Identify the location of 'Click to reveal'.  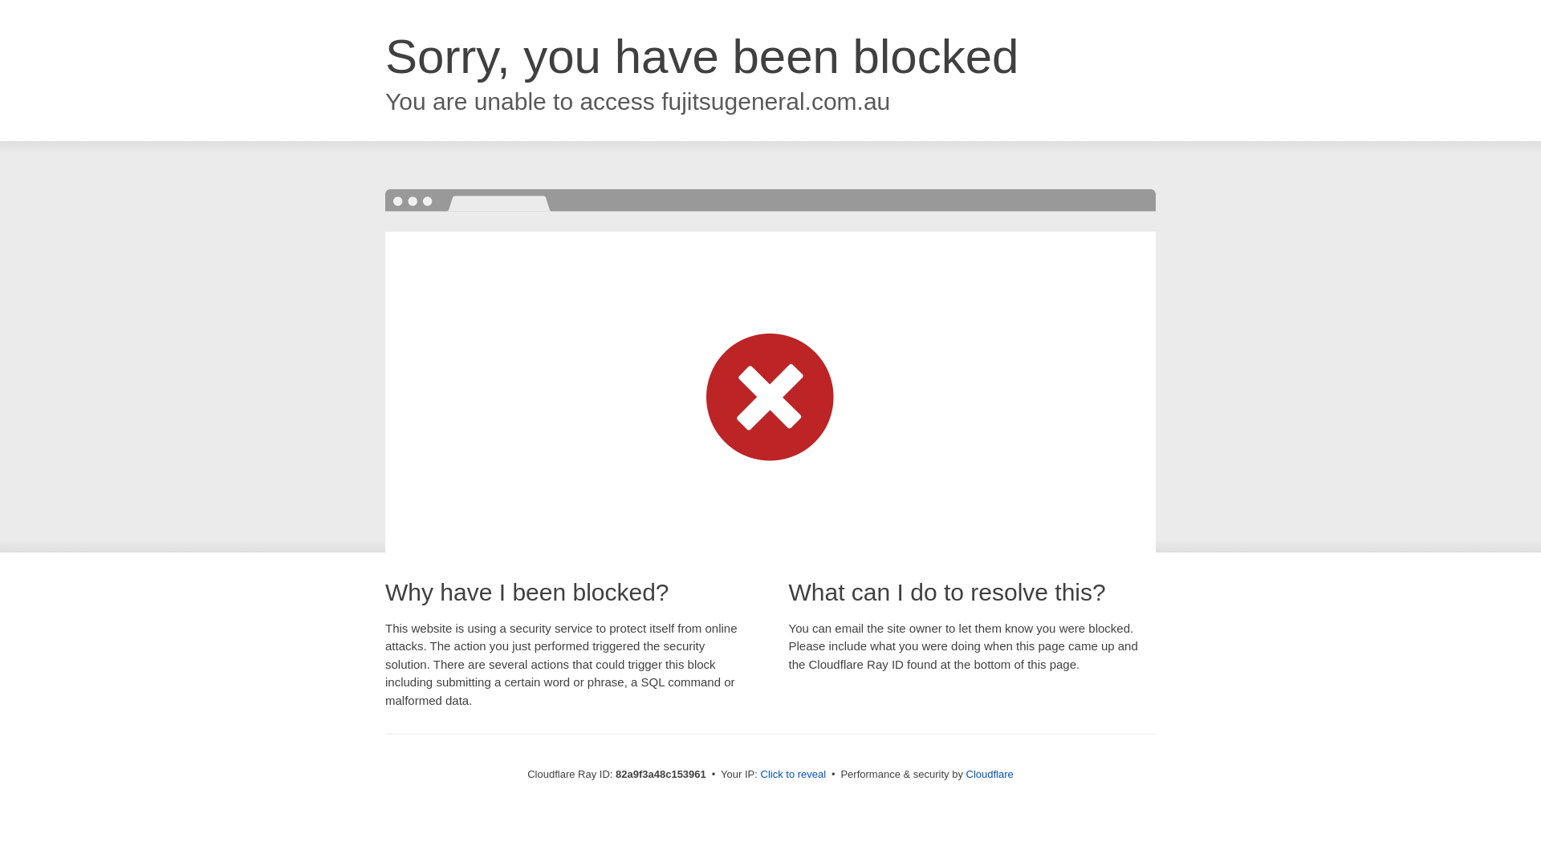
(793, 773).